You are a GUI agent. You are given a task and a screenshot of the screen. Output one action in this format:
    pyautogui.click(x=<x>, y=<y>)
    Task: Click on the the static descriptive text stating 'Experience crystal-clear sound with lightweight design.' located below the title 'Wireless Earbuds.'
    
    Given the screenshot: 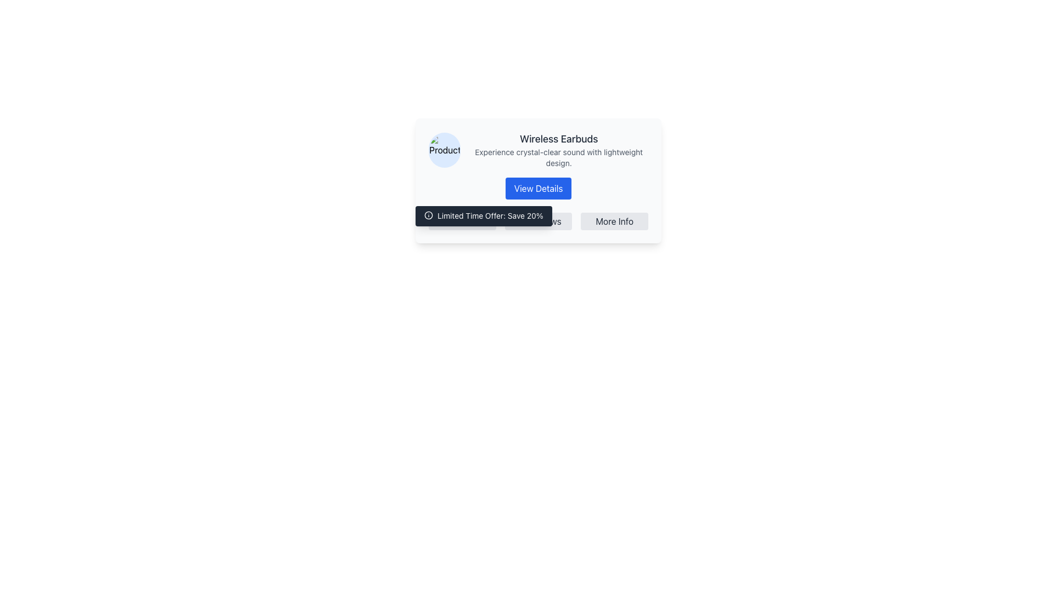 What is the action you would take?
    pyautogui.click(x=559, y=158)
    